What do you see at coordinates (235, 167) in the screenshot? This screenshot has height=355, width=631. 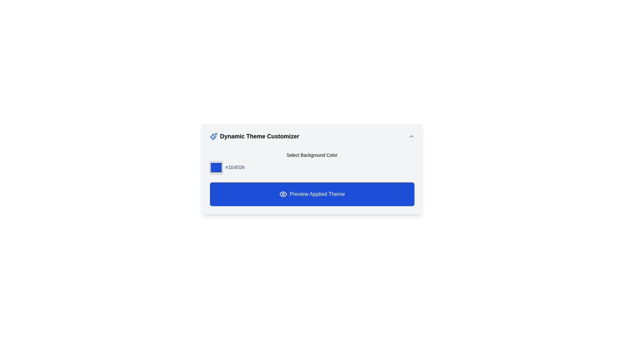 I see `the static text label displaying the hexadecimal color code '#1D4ED8' in the 'Dynamic Theme Customizer' interface, located to the right of the square color box in the 'Select Background Color' section` at bounding box center [235, 167].